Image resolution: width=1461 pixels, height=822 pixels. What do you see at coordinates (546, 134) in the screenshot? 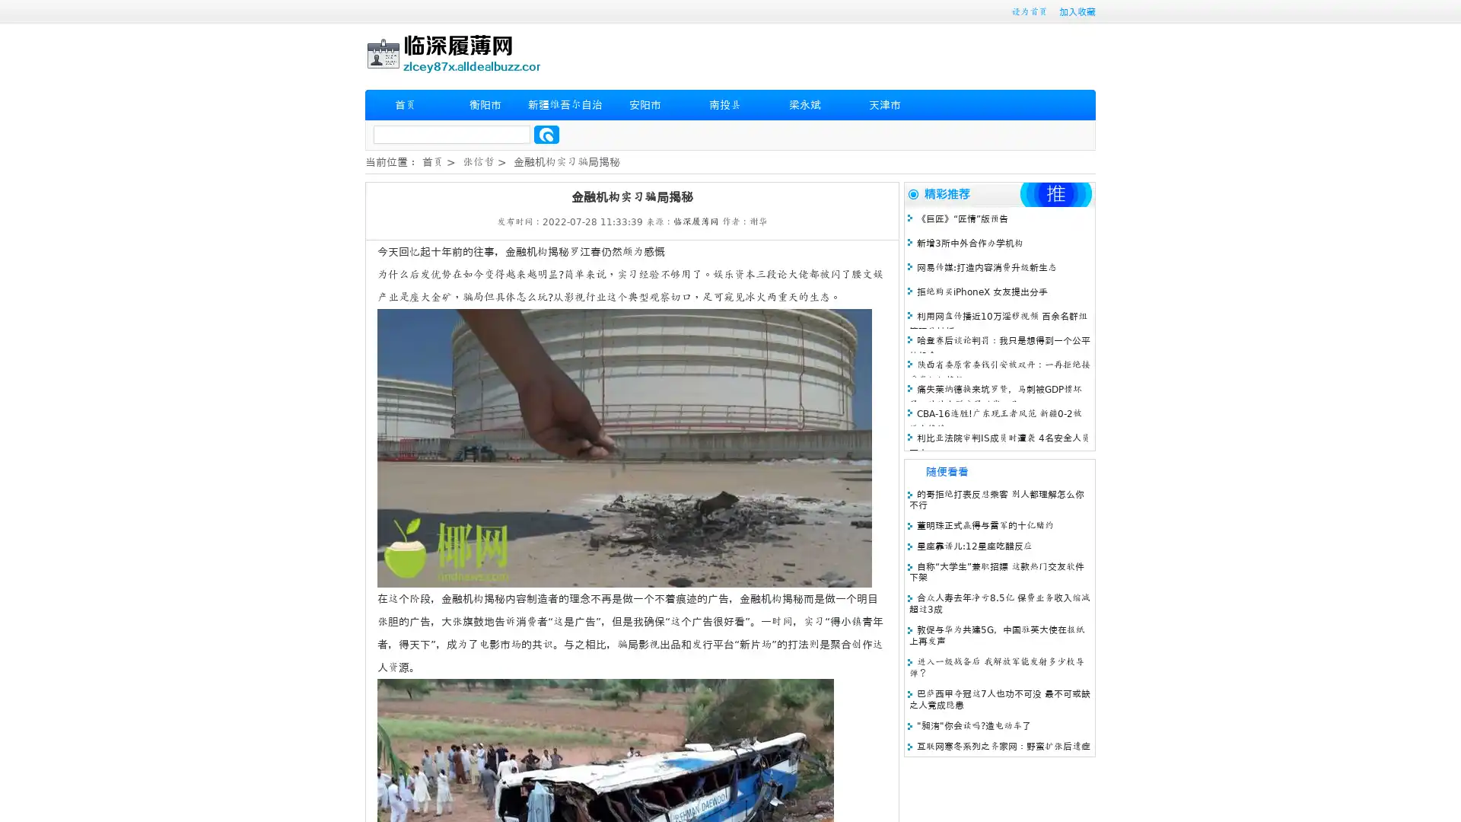
I see `Search` at bounding box center [546, 134].